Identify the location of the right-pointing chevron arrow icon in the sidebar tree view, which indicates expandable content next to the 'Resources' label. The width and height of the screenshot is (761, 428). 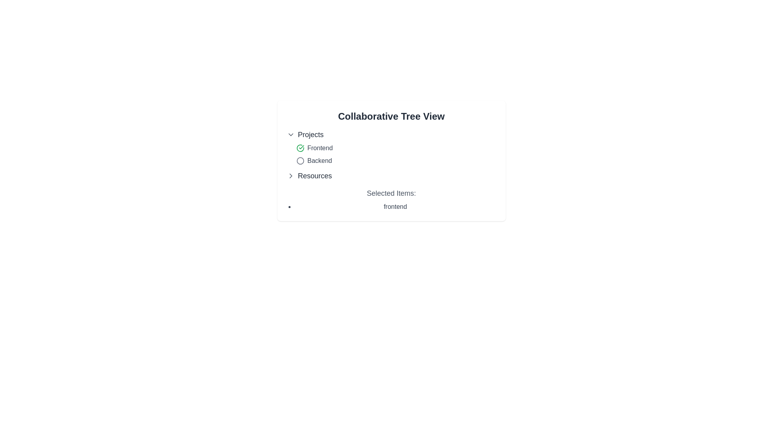
(290, 175).